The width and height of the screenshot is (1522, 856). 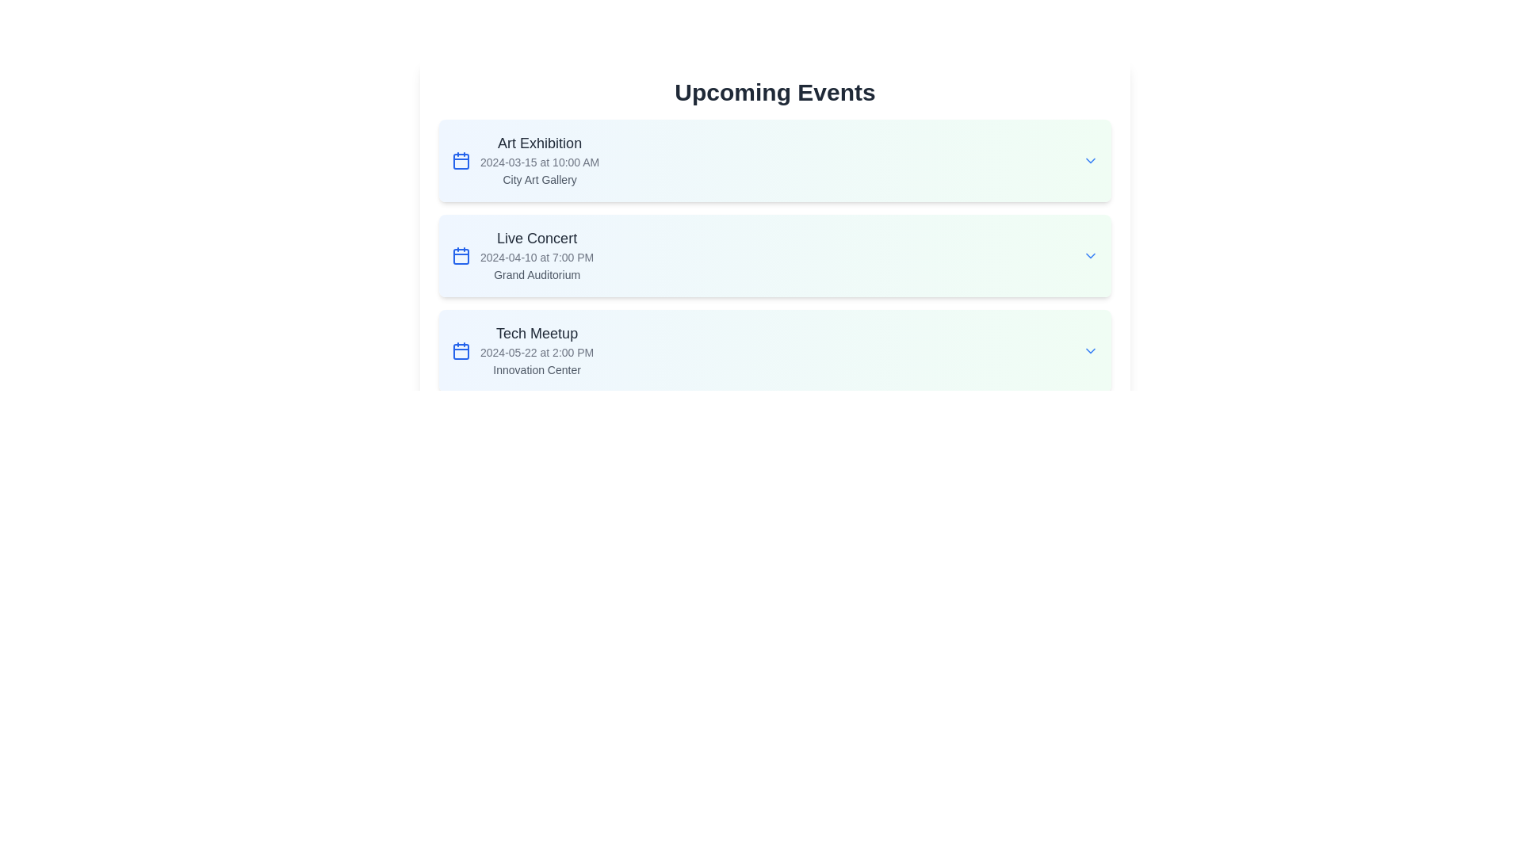 What do you see at coordinates (537, 274) in the screenshot?
I see `the static text label that indicates the location of the 'Live Concert' event, positioned below the event title and date-time information` at bounding box center [537, 274].